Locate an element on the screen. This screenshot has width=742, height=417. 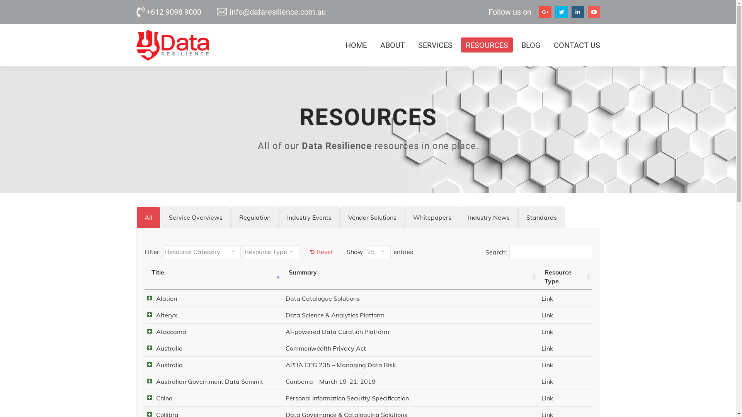
'RESOURCES' is located at coordinates (486, 45).